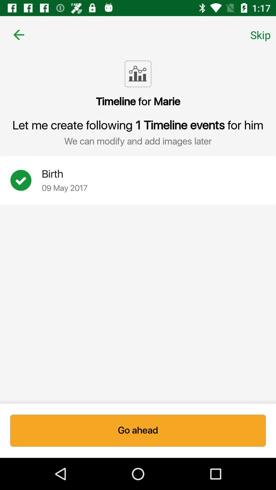 The width and height of the screenshot is (276, 490). Describe the element at coordinates (18, 34) in the screenshot. I see `it will go back one page back` at that location.